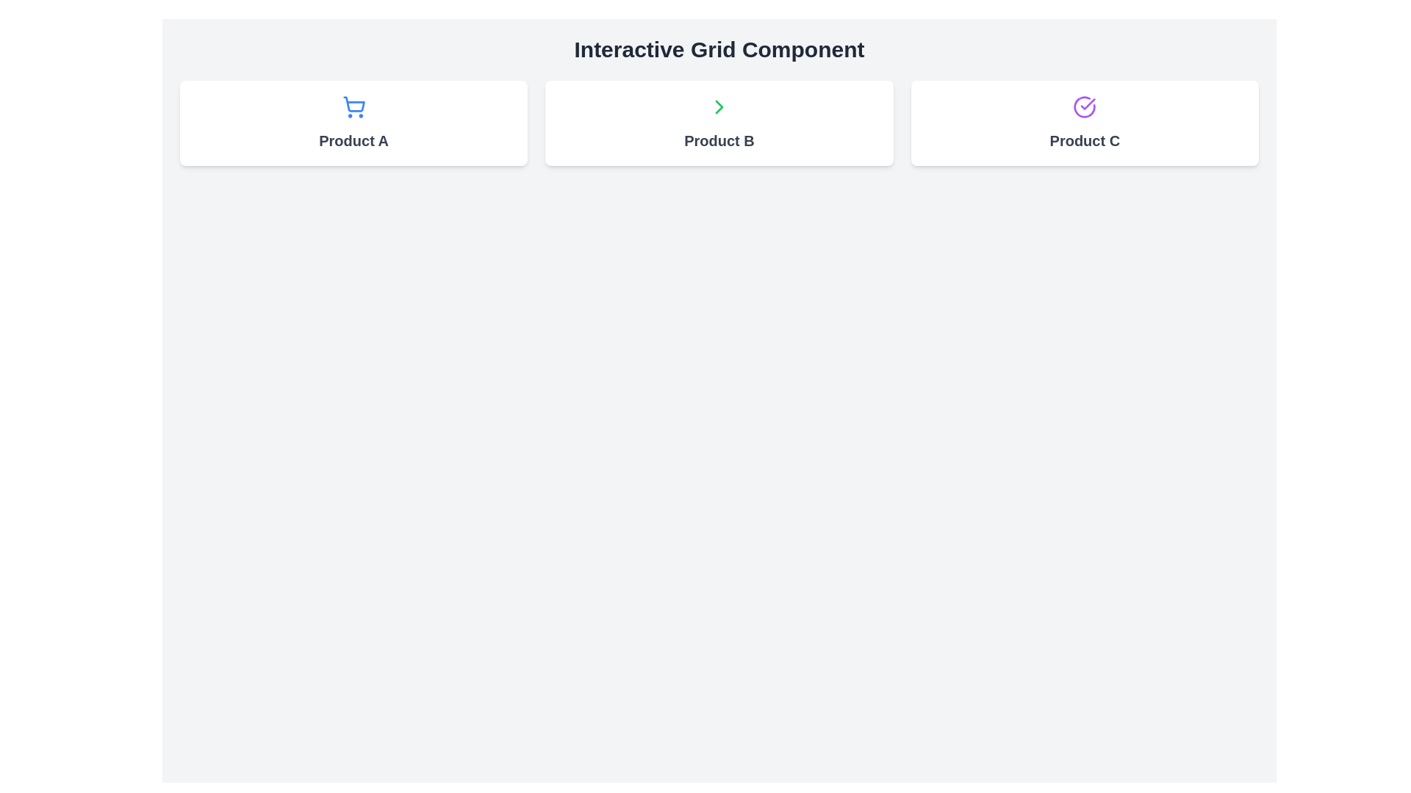 This screenshot has width=1411, height=793. What do you see at coordinates (353, 106) in the screenshot?
I see `the shopping cart icon located at the top center of the 'Product A' card` at bounding box center [353, 106].